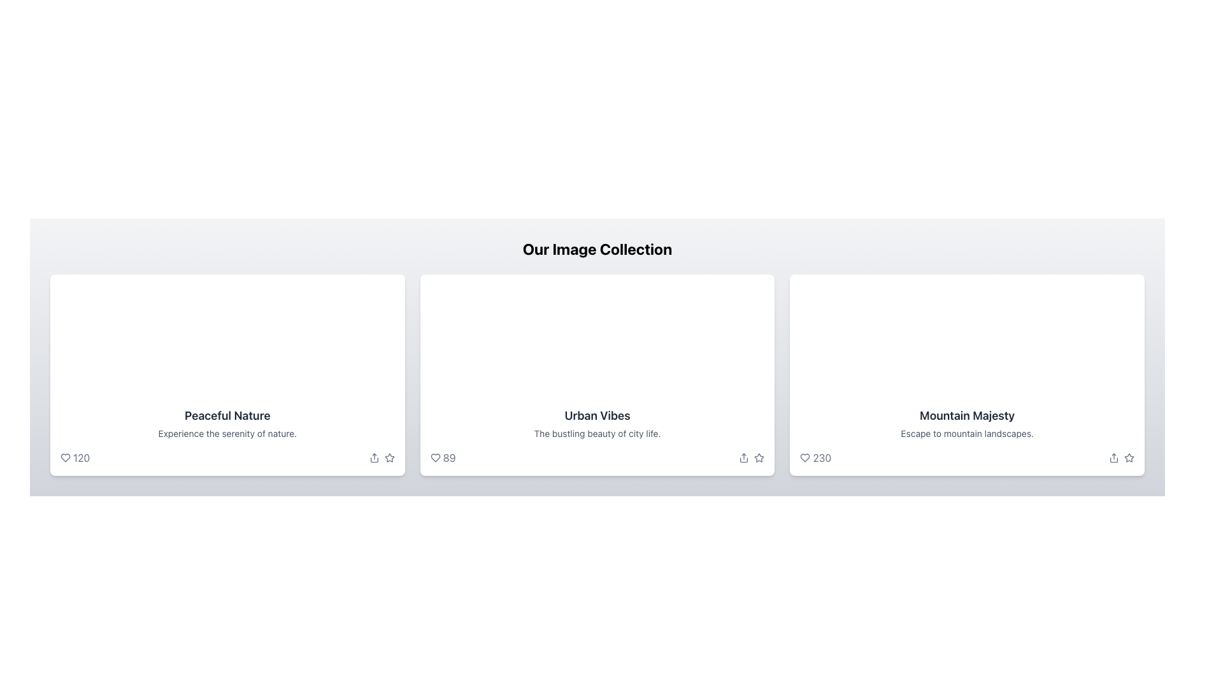  Describe the element at coordinates (64, 457) in the screenshot. I see `the heart-shaped icon in the lower-left corner of the 'Peaceful Nature' card, which is adjacent to the number '120'` at that location.